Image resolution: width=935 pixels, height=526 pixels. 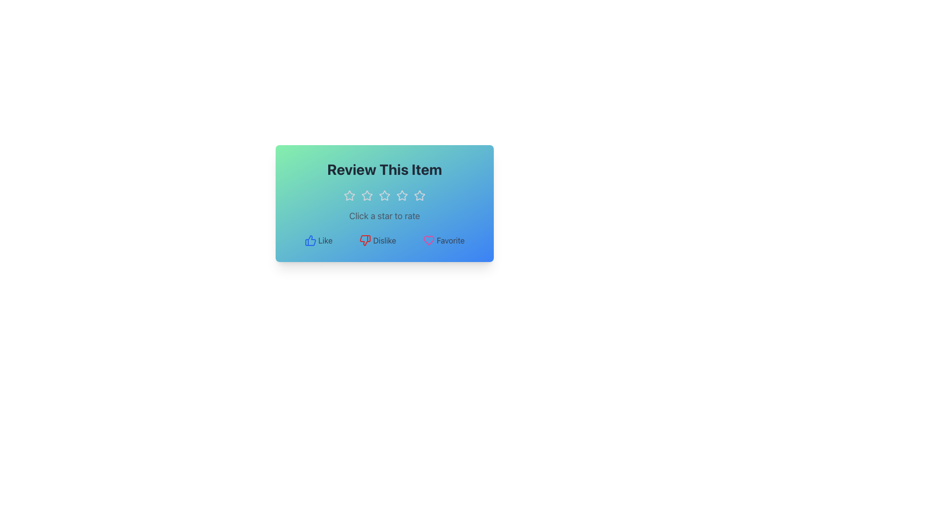 What do you see at coordinates (384, 195) in the screenshot?
I see `the fourth star icon in the star rating component, which is outlined in light gray and located under the 'Review This Item' text, to trigger a preview effect` at bounding box center [384, 195].